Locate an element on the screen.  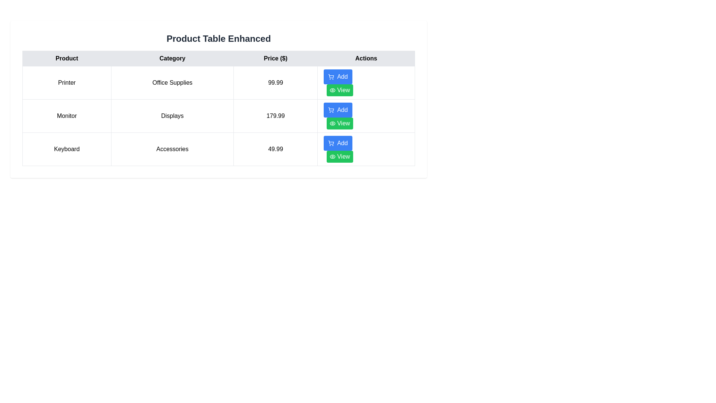
the shopping cart icon located in the 'Actions' column of the second row of the table, which visually represents adding an item to the shopping cart is located at coordinates (331, 109).